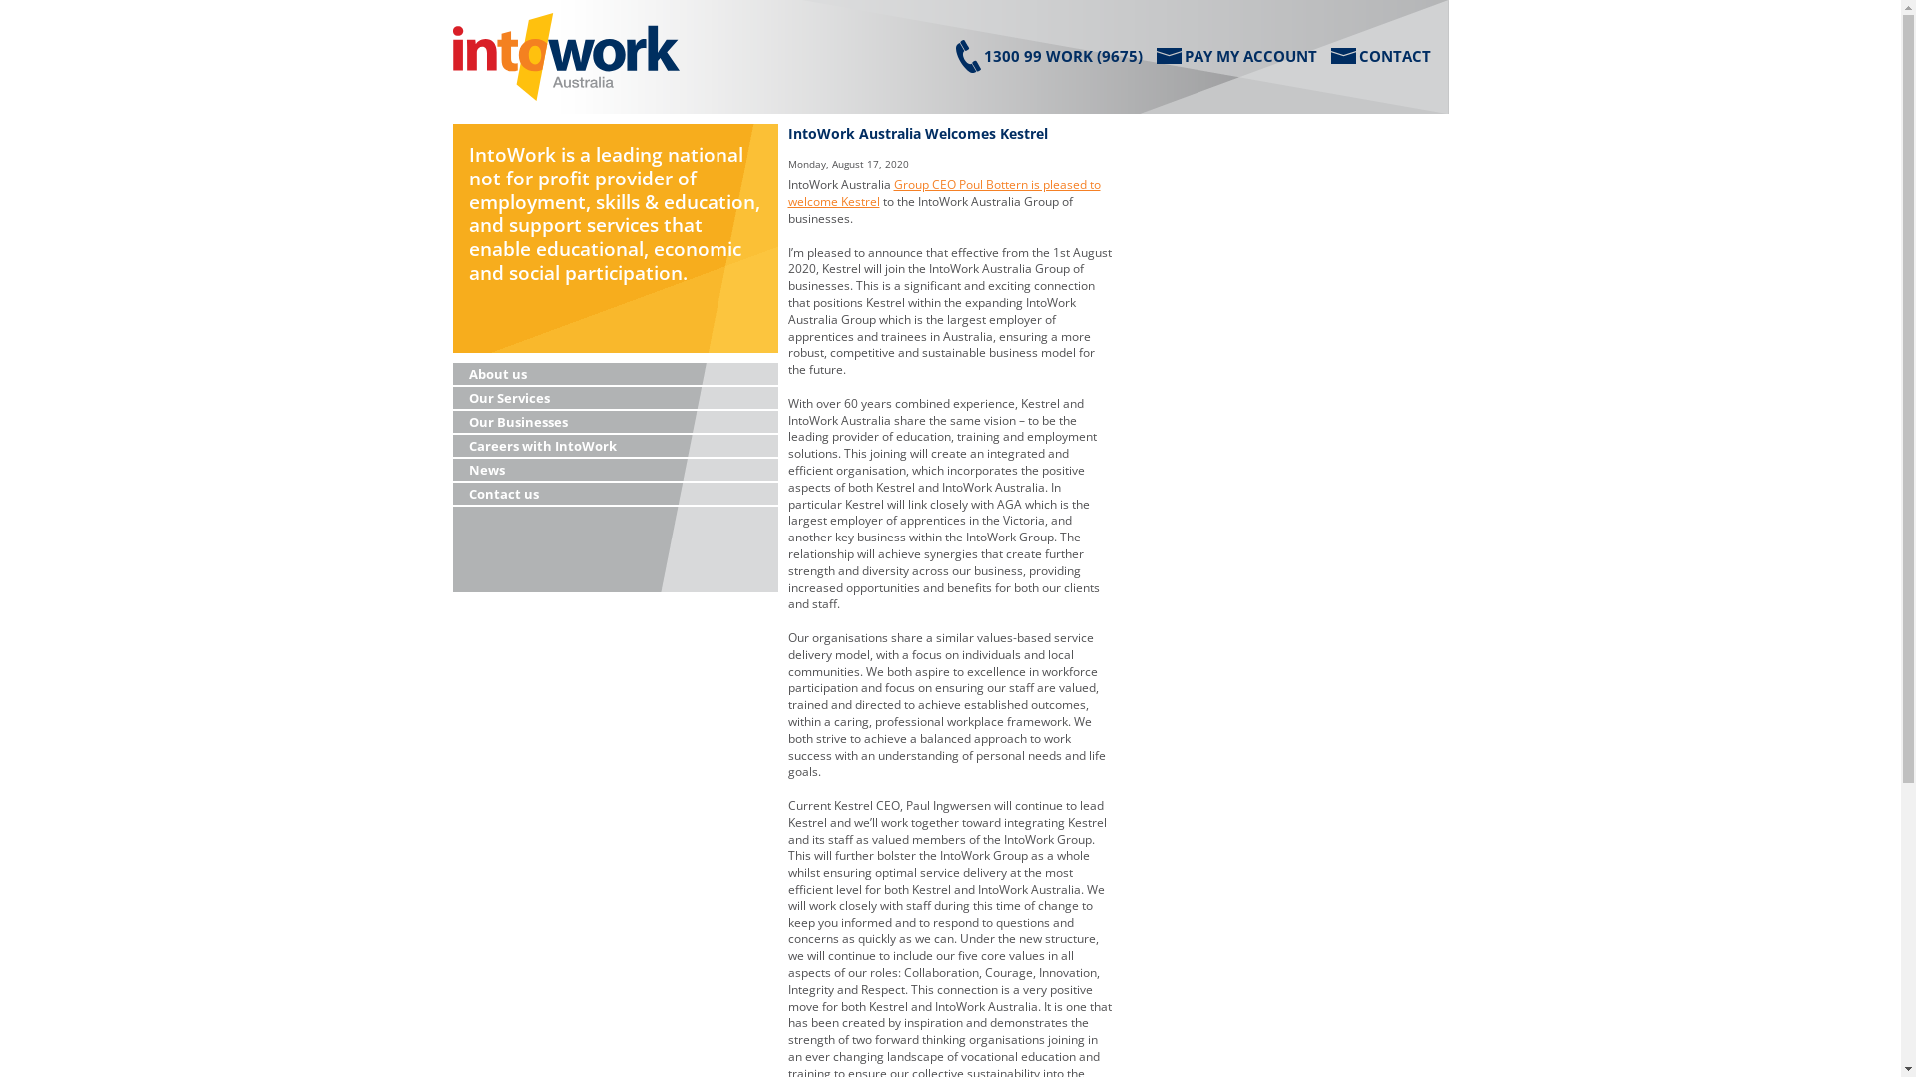 The width and height of the screenshot is (1916, 1077). What do you see at coordinates (1379, 55) in the screenshot?
I see `'CONTACT'` at bounding box center [1379, 55].